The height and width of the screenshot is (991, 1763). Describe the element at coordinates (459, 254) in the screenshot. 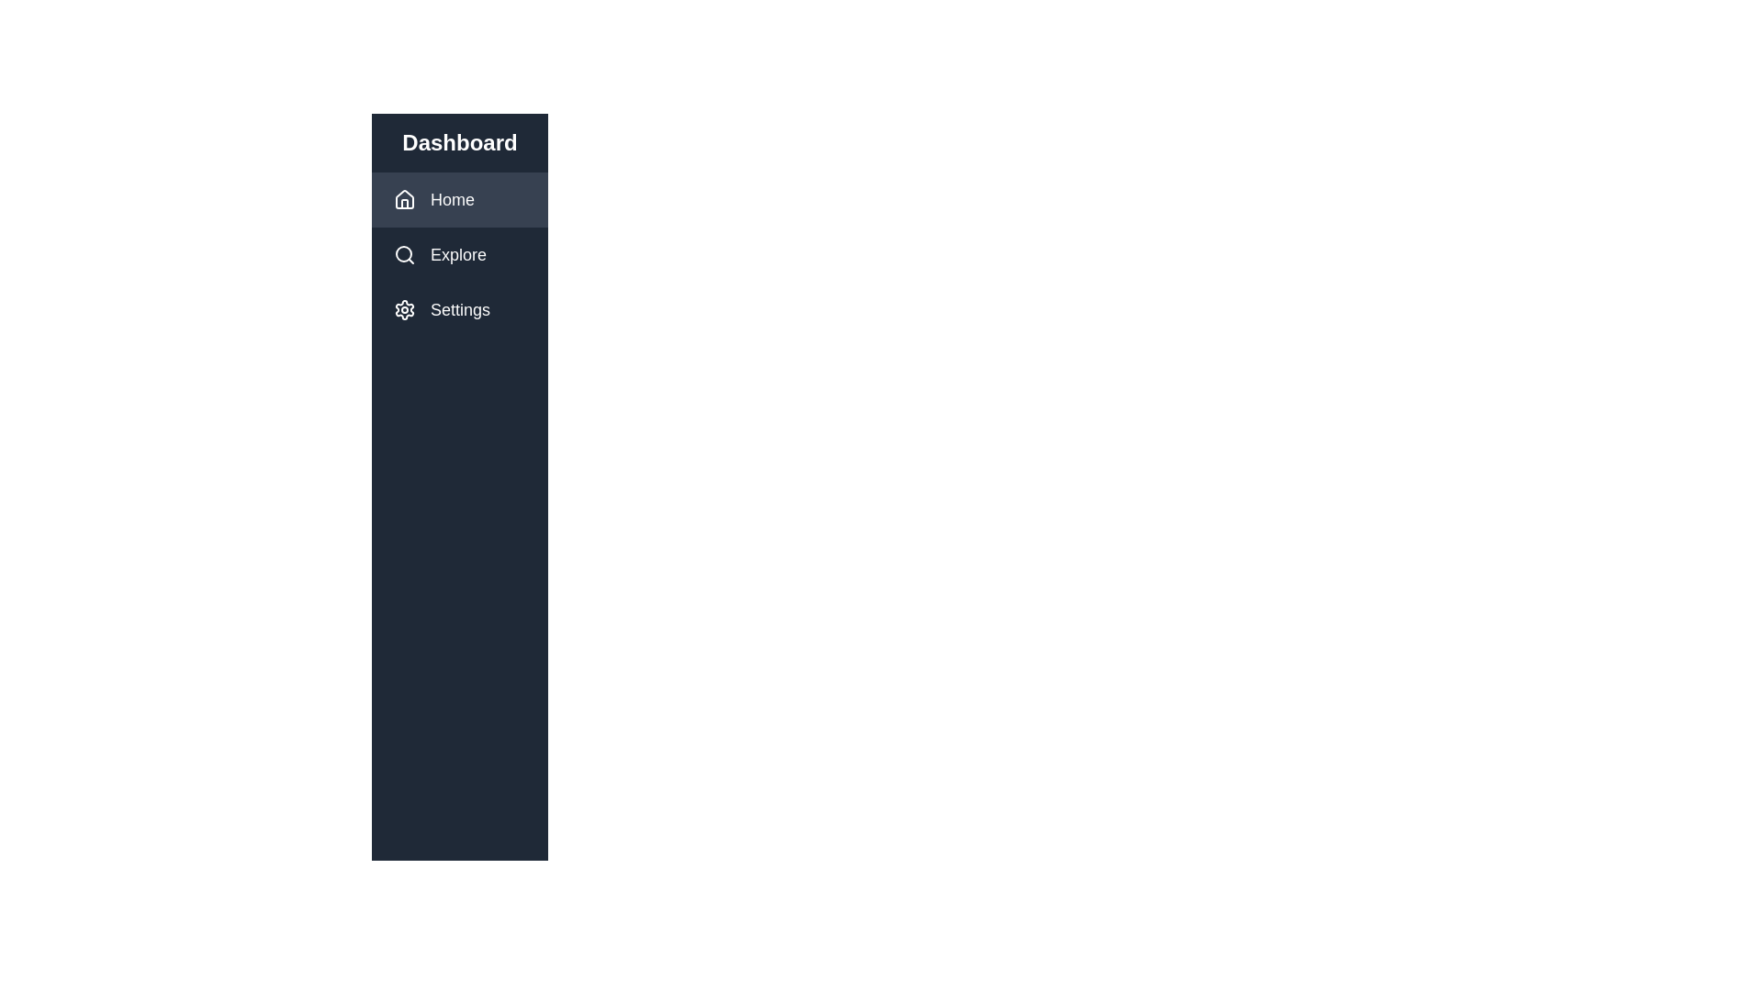

I see `the 'Explore' button, which is the second item in the vertical navigation menu located below 'Home' and above 'Settings'` at that location.